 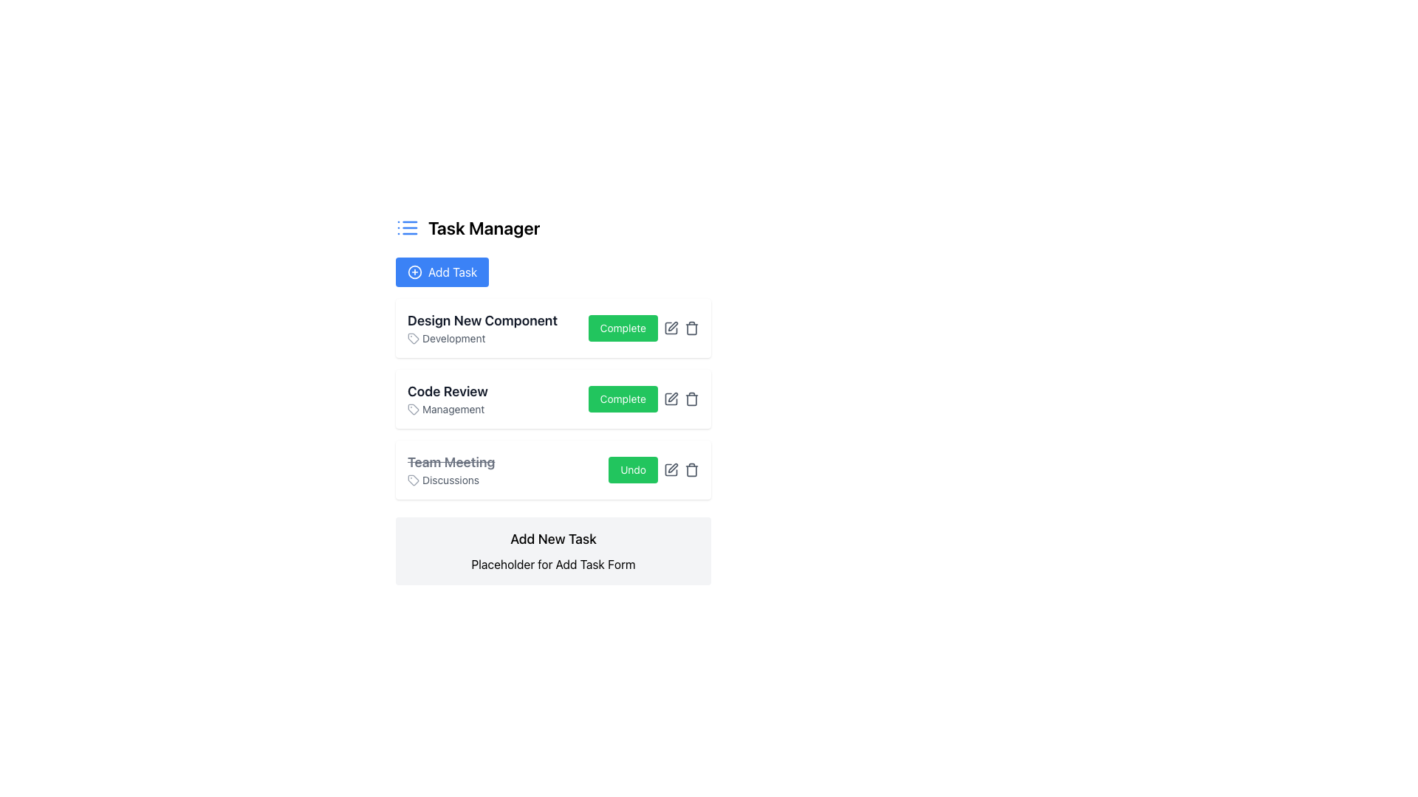 What do you see at coordinates (670, 398) in the screenshot?
I see `the pen icon button with a gray square background, located as the second interactive element from the right in the 'Code Review' task section to change its color to blue` at bounding box center [670, 398].